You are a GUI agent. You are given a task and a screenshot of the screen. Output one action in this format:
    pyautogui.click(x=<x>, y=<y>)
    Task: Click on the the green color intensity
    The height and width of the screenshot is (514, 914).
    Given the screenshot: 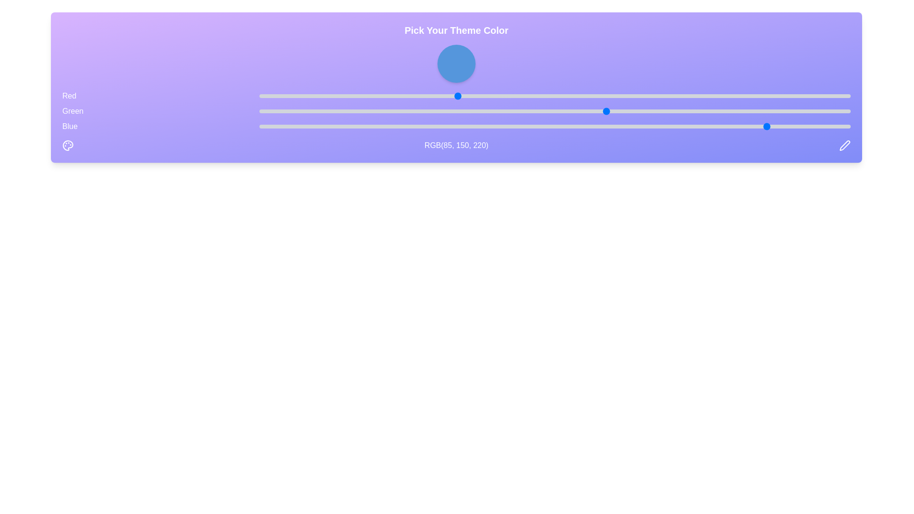 What is the action you would take?
    pyautogui.click(x=361, y=111)
    